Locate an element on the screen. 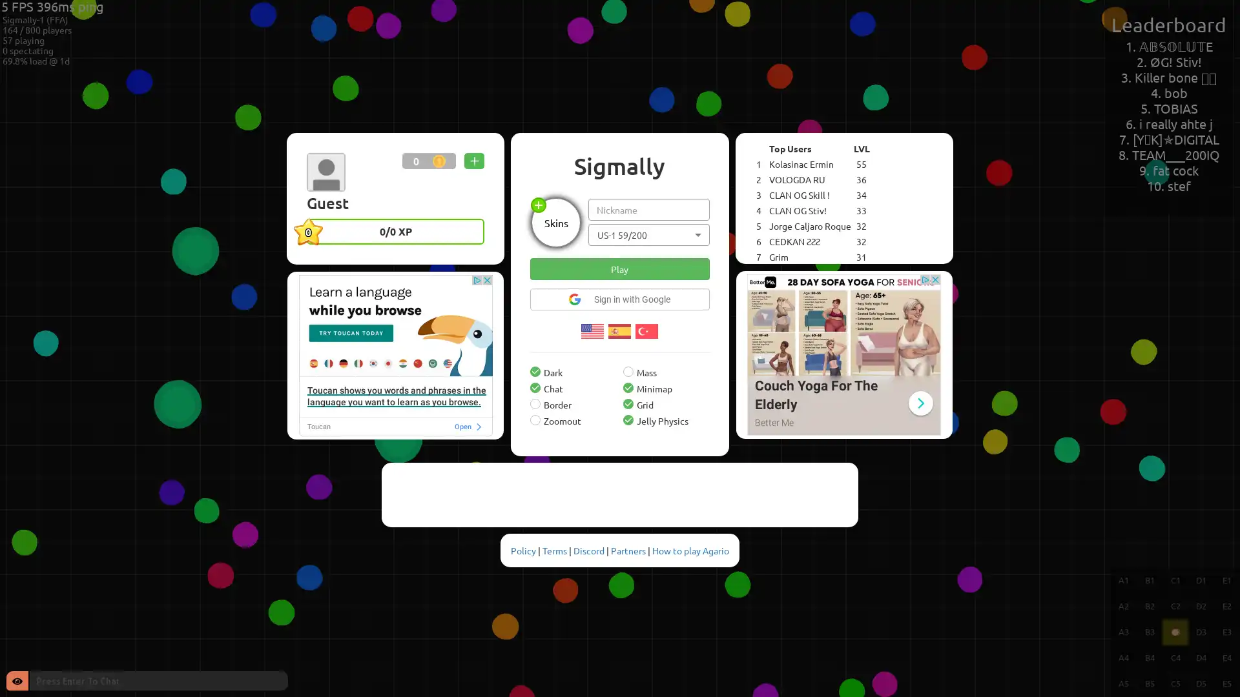  Google Sign in with Google is located at coordinates (619, 298).